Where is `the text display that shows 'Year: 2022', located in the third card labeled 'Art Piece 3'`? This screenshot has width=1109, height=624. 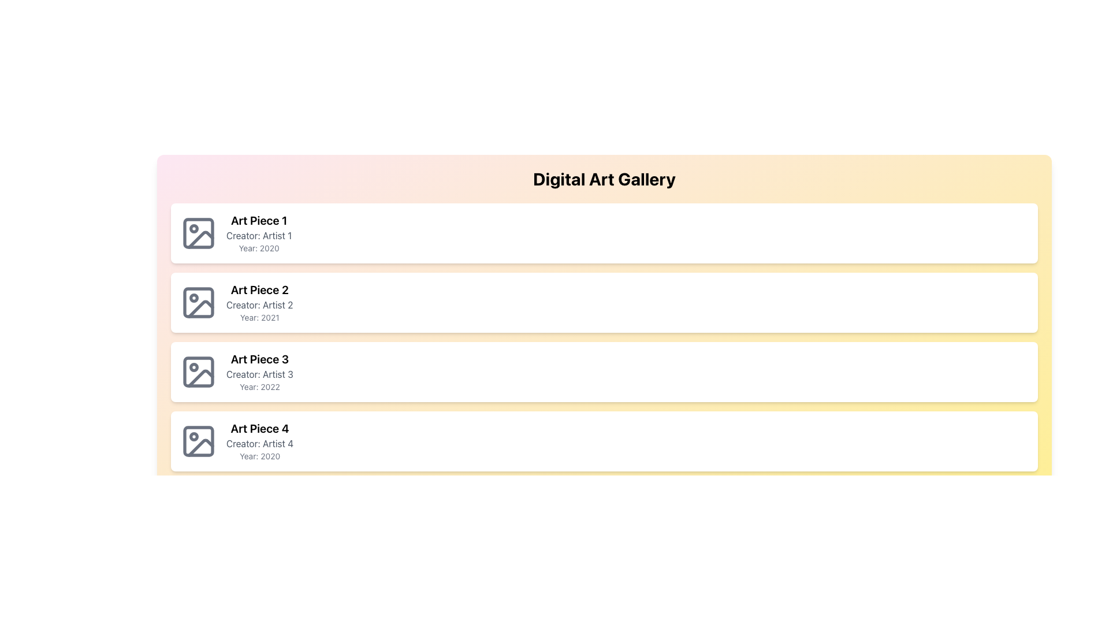
the text display that shows 'Year: 2022', located in the third card labeled 'Art Piece 3' is located at coordinates (259, 387).